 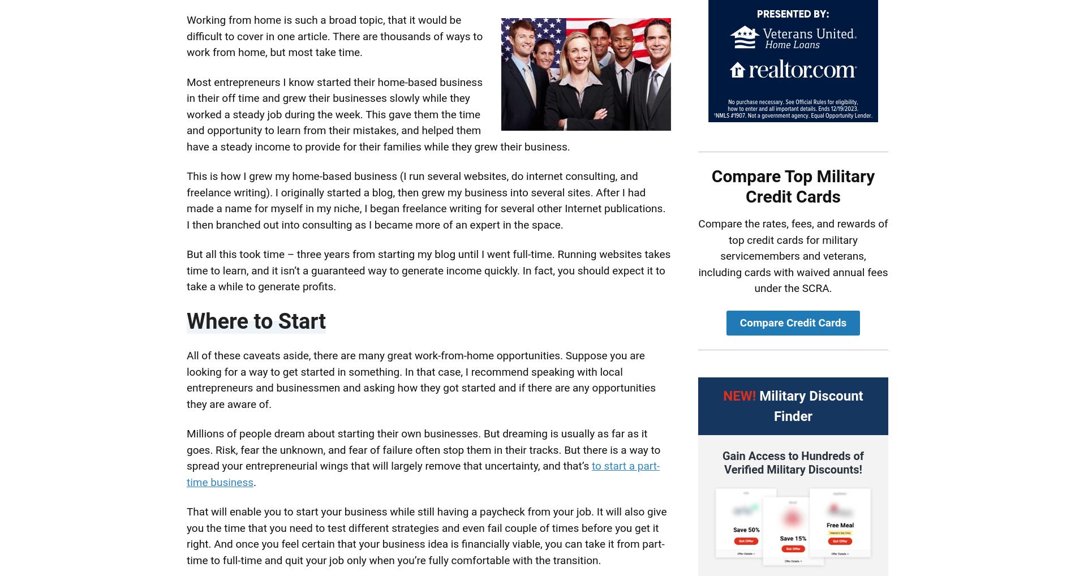 What do you see at coordinates (186, 473) in the screenshot?
I see `'to start a part-time business'` at bounding box center [186, 473].